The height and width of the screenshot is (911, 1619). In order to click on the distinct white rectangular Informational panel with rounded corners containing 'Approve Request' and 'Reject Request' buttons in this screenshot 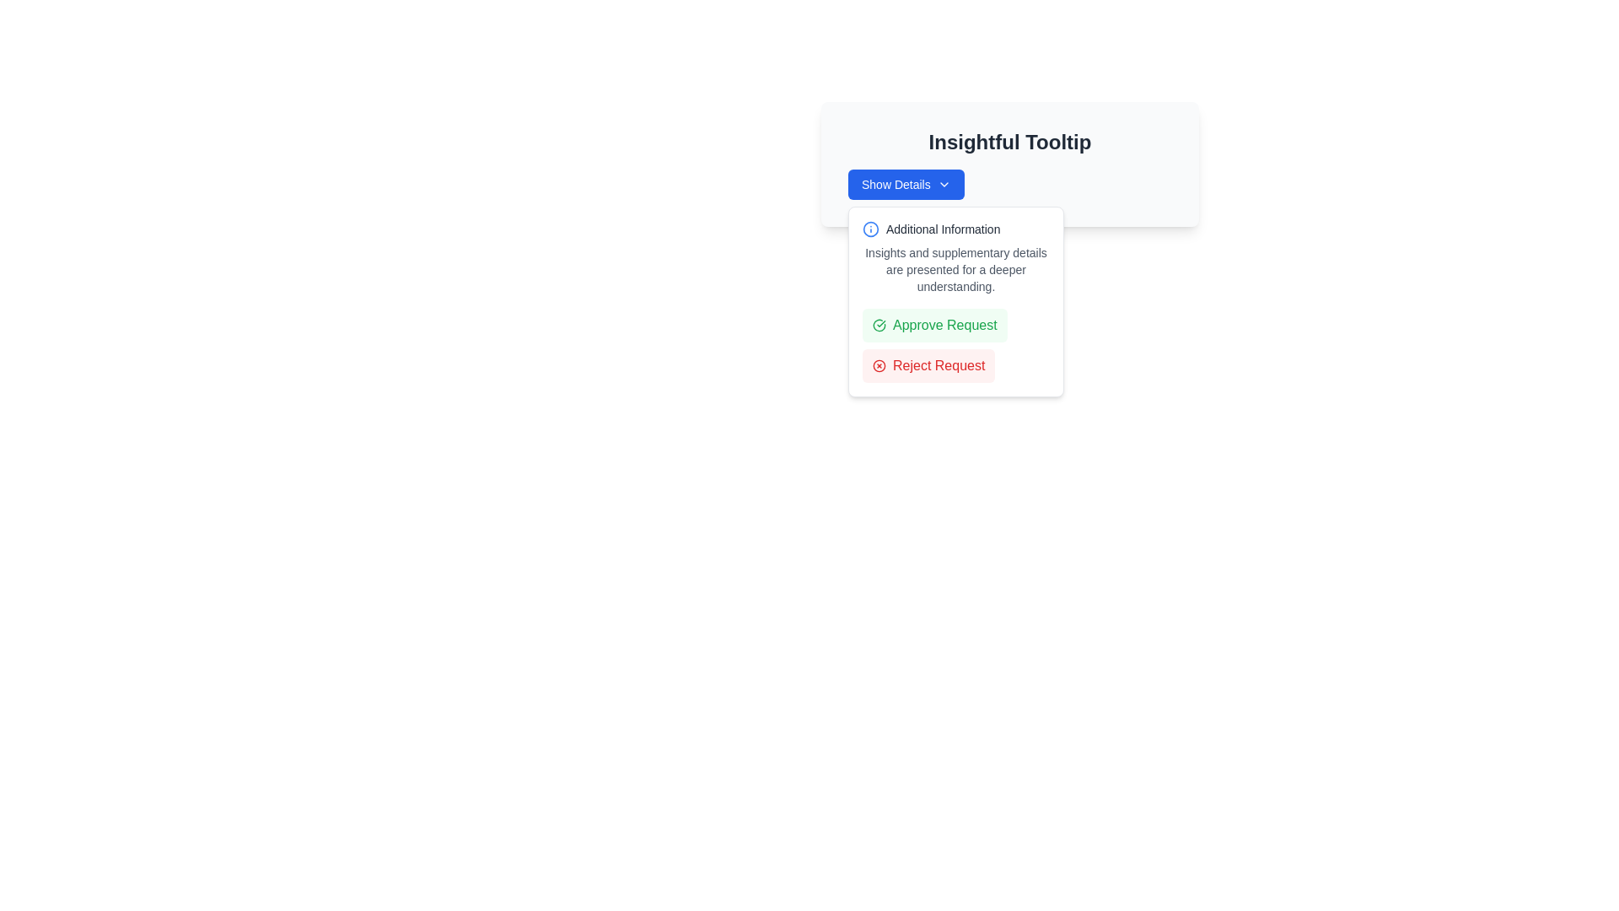, I will do `click(955, 301)`.